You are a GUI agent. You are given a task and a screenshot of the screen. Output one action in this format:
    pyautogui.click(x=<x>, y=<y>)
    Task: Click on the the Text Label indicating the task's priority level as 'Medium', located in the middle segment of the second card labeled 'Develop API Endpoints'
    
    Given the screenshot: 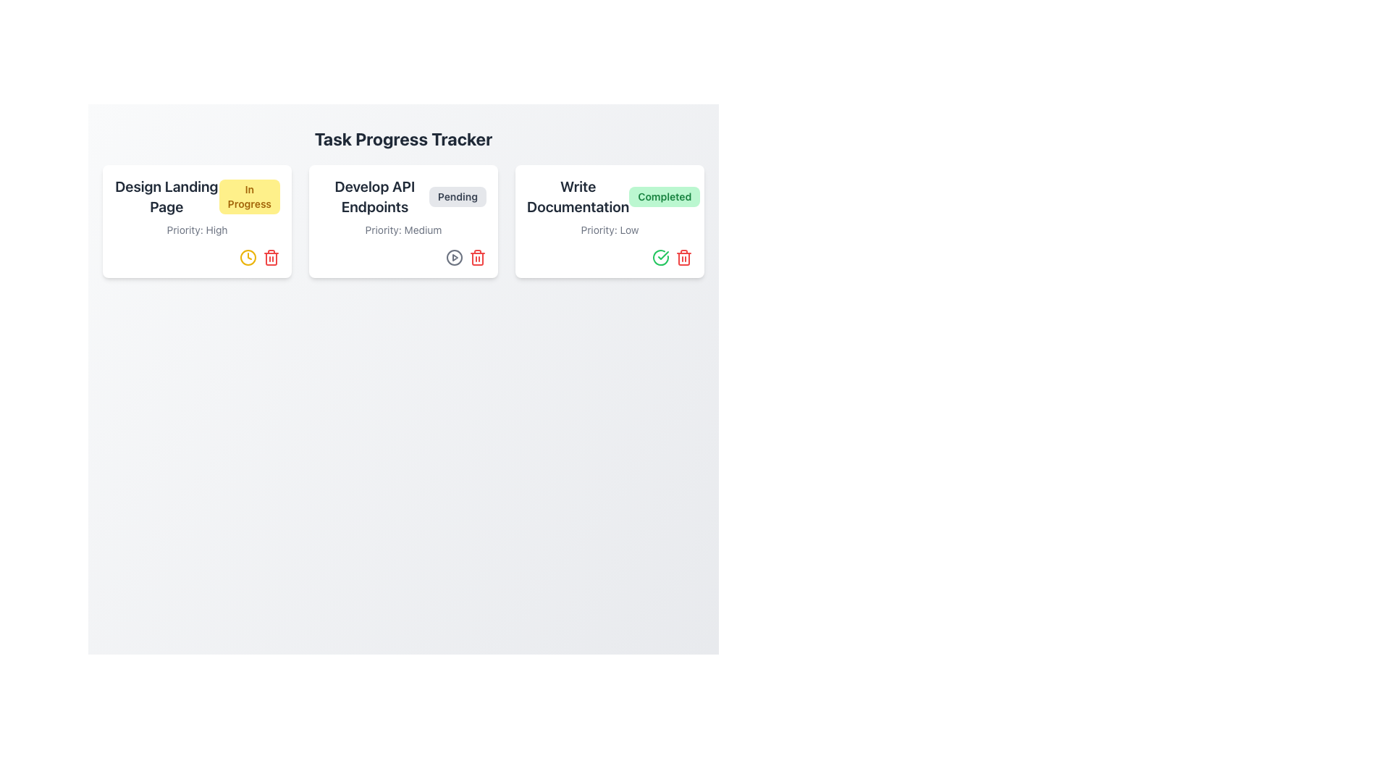 What is the action you would take?
    pyautogui.click(x=403, y=229)
    